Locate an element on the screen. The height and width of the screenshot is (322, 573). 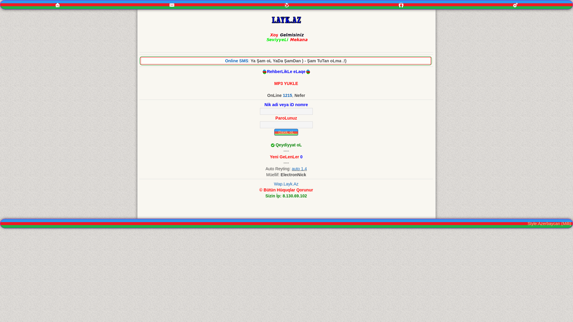
'nick' is located at coordinates (286, 111).